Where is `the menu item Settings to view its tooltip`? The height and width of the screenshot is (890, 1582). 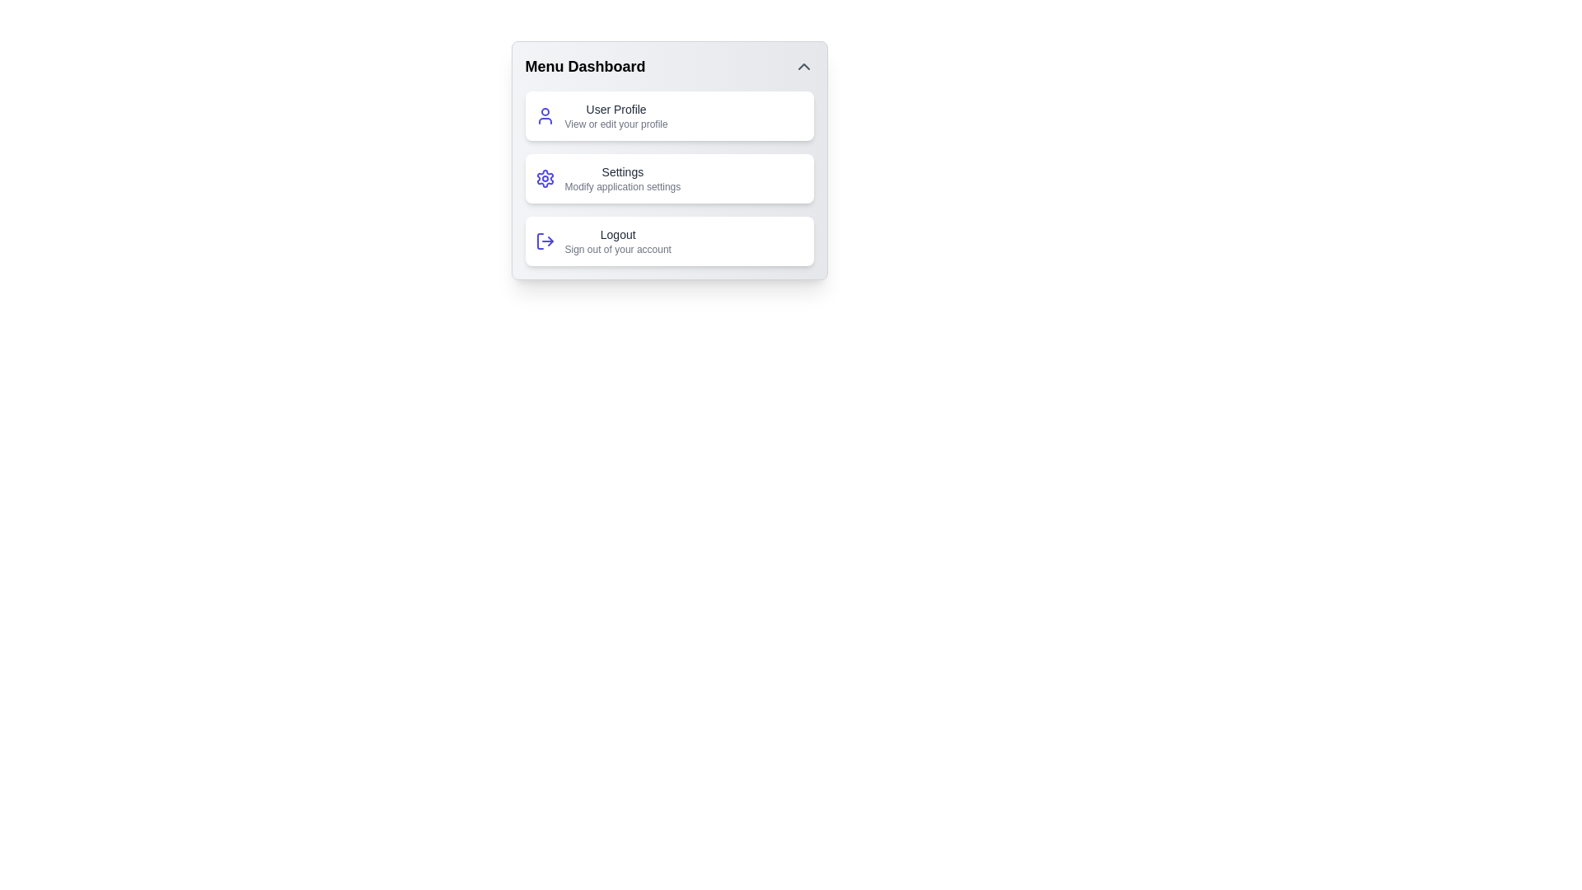
the menu item Settings to view its tooltip is located at coordinates (669, 178).